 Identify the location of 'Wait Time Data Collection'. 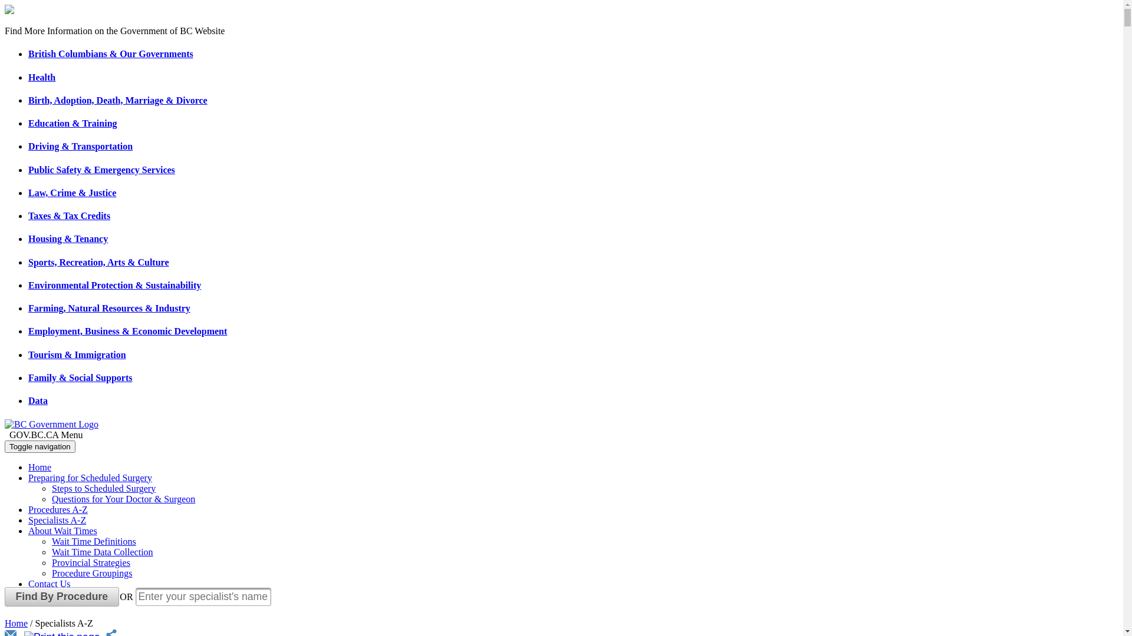
(102, 552).